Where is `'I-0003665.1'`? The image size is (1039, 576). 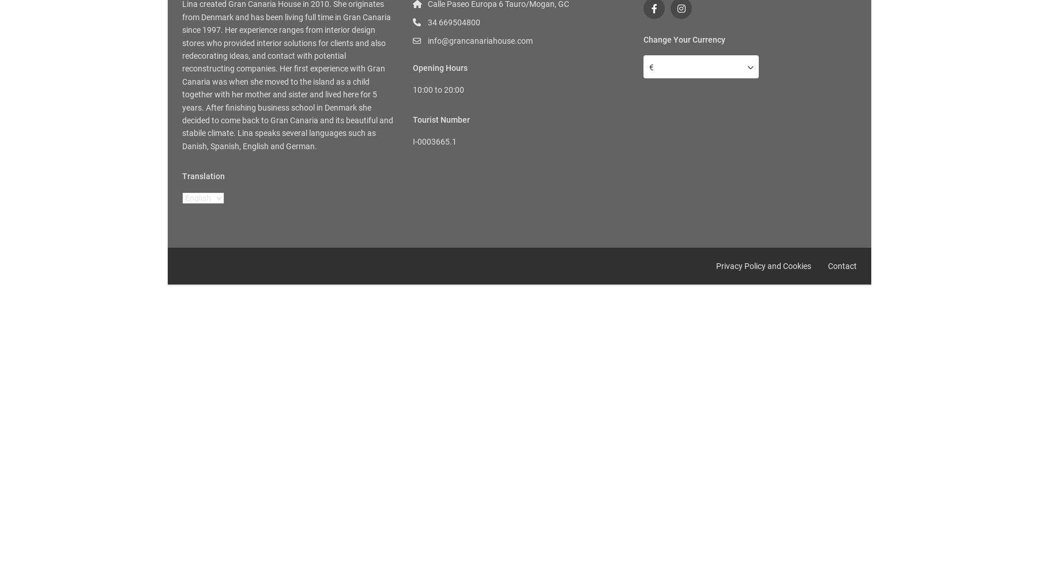
'I-0003665.1' is located at coordinates (434, 141).